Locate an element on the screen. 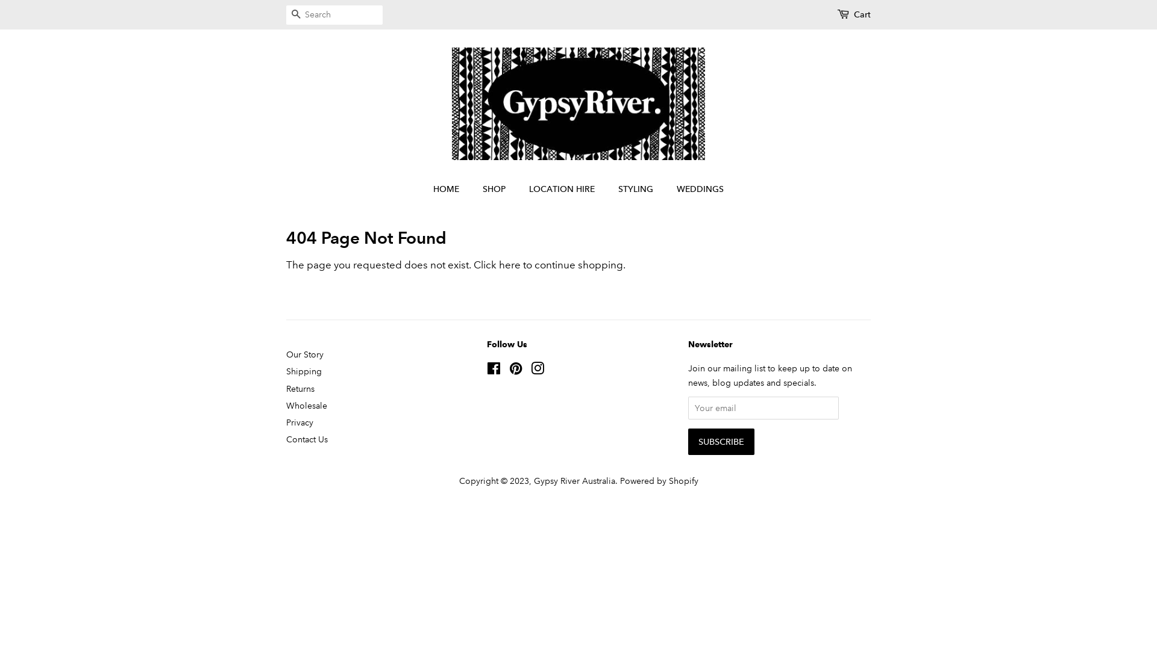 This screenshot has width=1157, height=650. 'Returns' is located at coordinates (300, 388).